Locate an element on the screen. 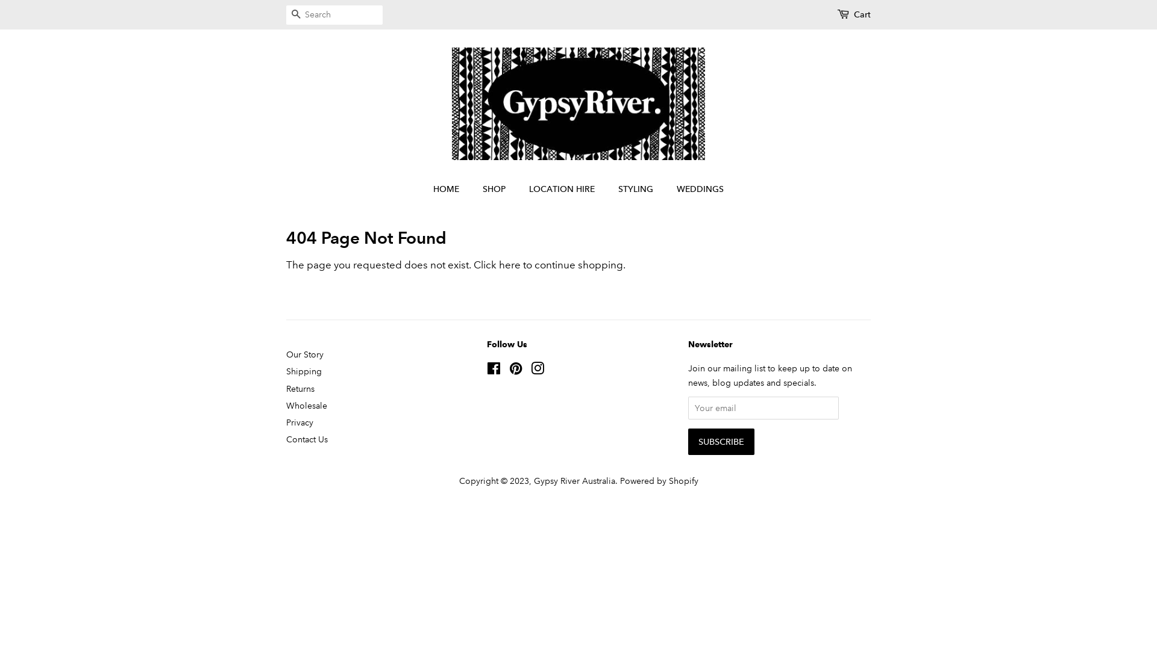 This screenshot has width=1157, height=650. 'Returns' is located at coordinates (300, 388).